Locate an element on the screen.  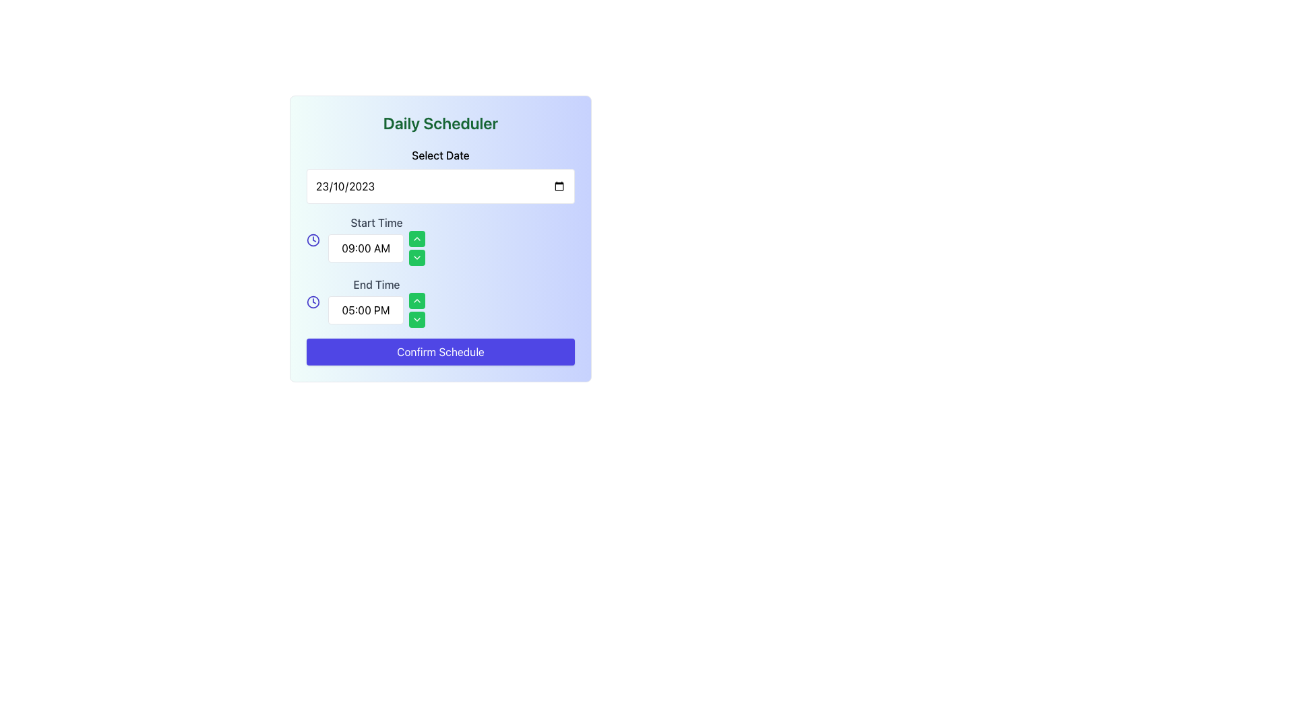
the first green button above the downward-pointing arrow button to increment the time in the 'End Time' field is located at coordinates (417, 300).